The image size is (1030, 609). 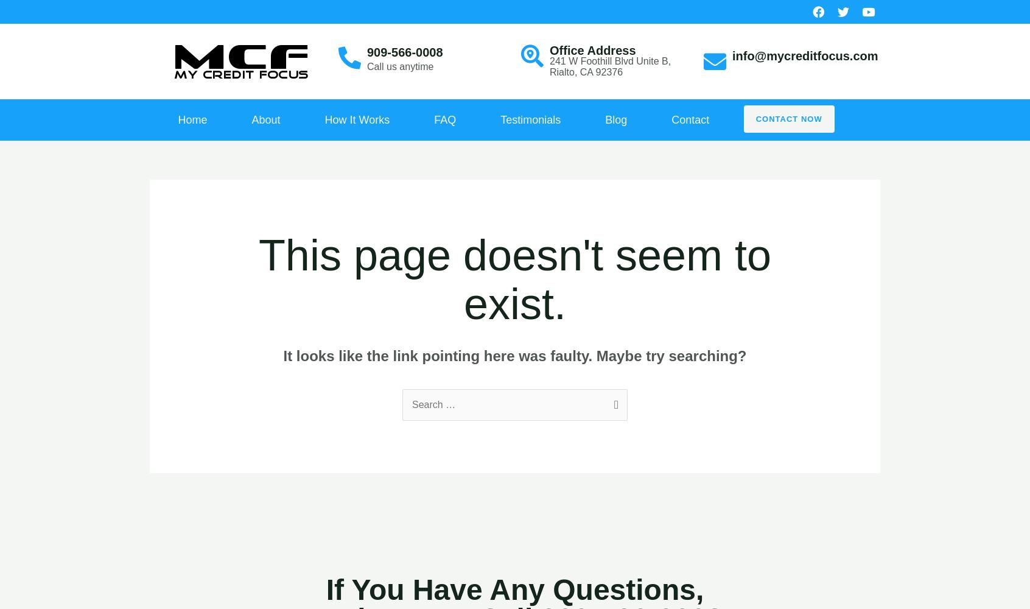 I want to click on 'How It Works', so click(x=356, y=119).